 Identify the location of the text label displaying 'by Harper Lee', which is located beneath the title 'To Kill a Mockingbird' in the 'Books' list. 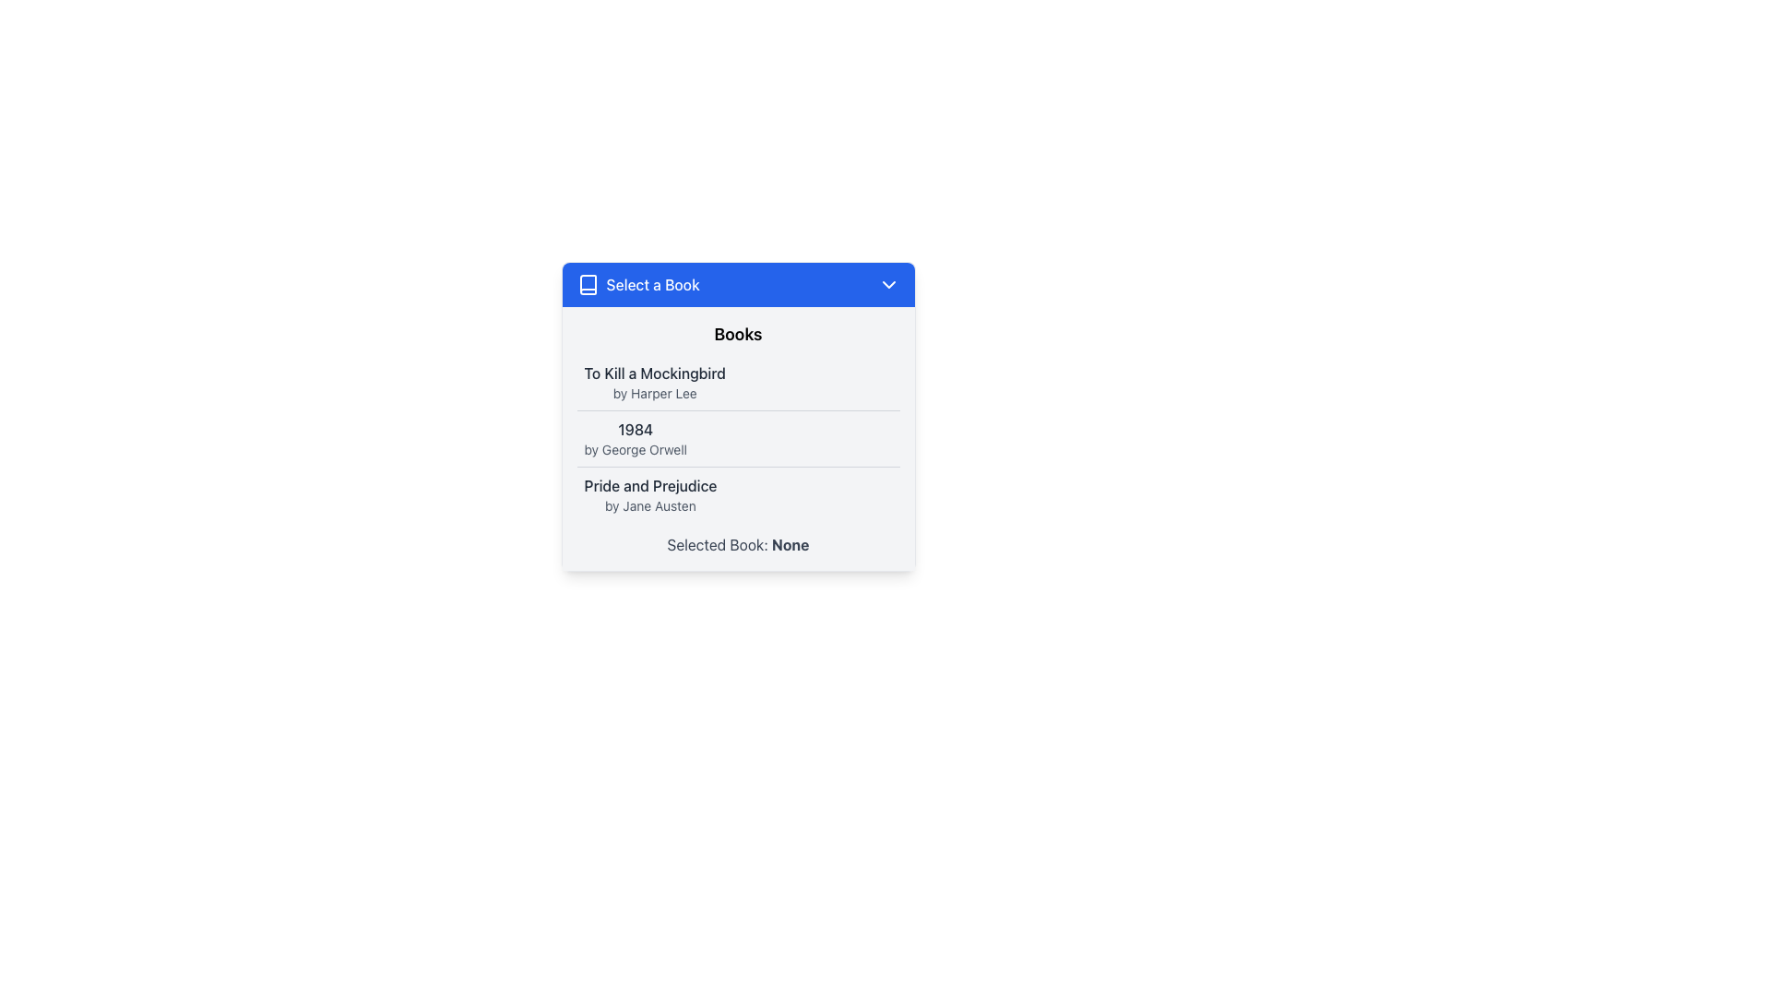
(655, 393).